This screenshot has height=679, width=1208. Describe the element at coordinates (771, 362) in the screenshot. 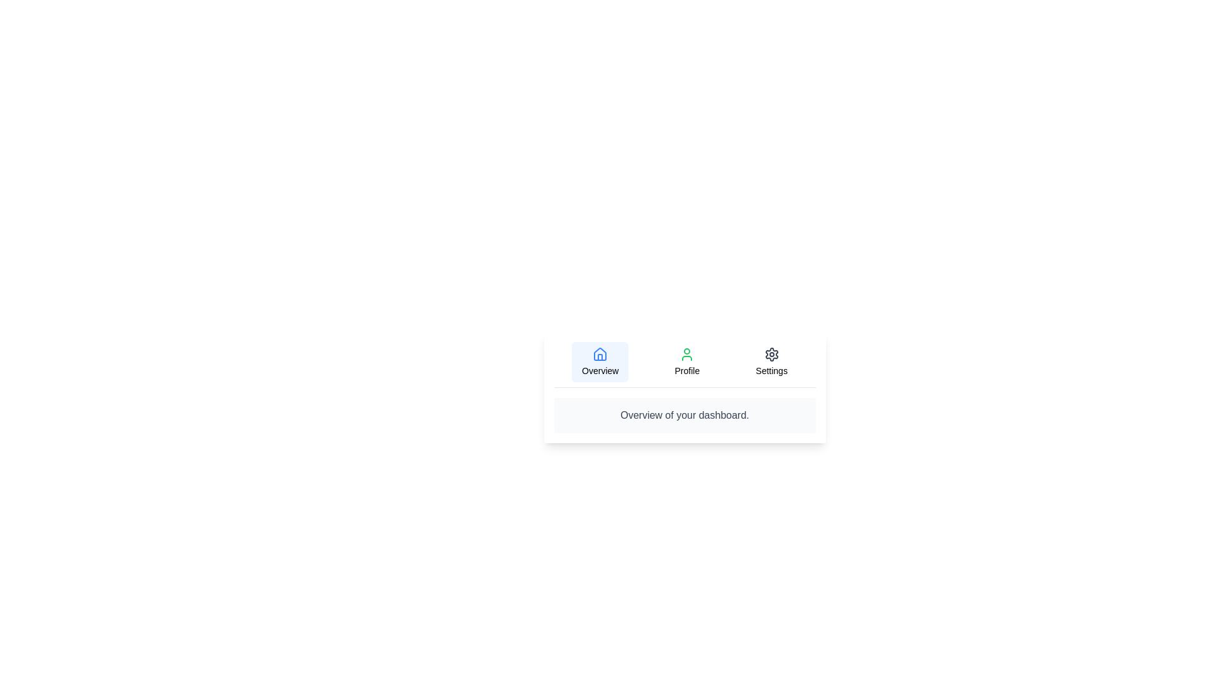

I see `the Settings tab to switch views` at that location.